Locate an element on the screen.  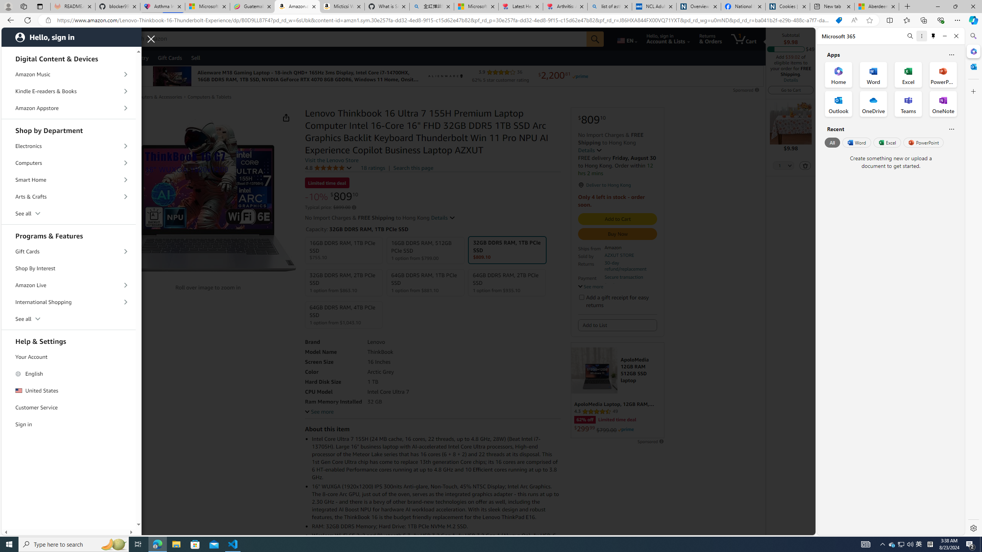
'PowerPoint Office App' is located at coordinates (943, 75).